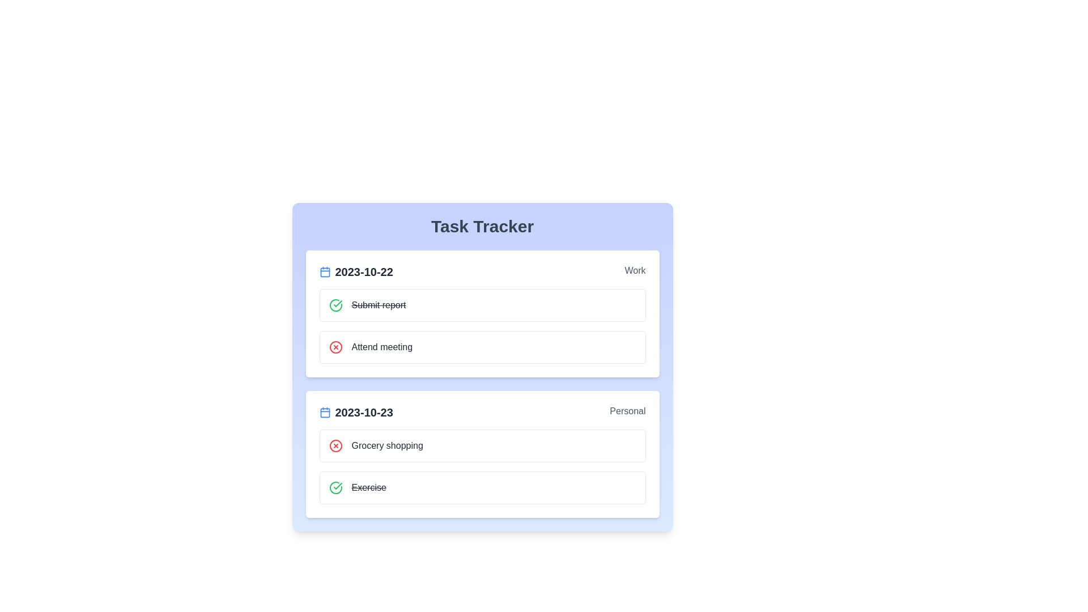  What do you see at coordinates (379, 305) in the screenshot?
I see `the task Submit report to reveal additional options` at bounding box center [379, 305].